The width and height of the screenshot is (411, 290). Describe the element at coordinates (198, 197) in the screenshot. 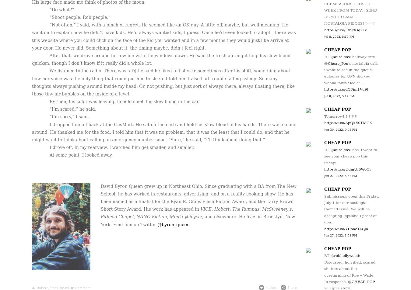

I see `'David Byron Queen grew up in Northeast Ohio. Since graduating with a BA from The New School, he has worked in restaurants, advertising, and on a reality cooking show. He has been named as a finalist for the Ryan R. Gibbs Flash Fiction Award, and the Larry Brown Short Story Award. His work has appeared in'` at that location.